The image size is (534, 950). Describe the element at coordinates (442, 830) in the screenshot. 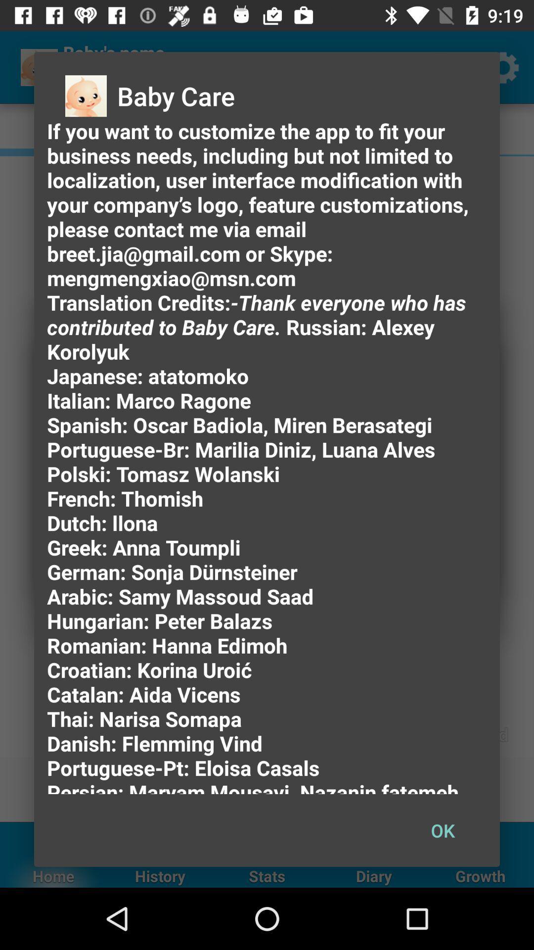

I see `the ok at the bottom right corner` at that location.